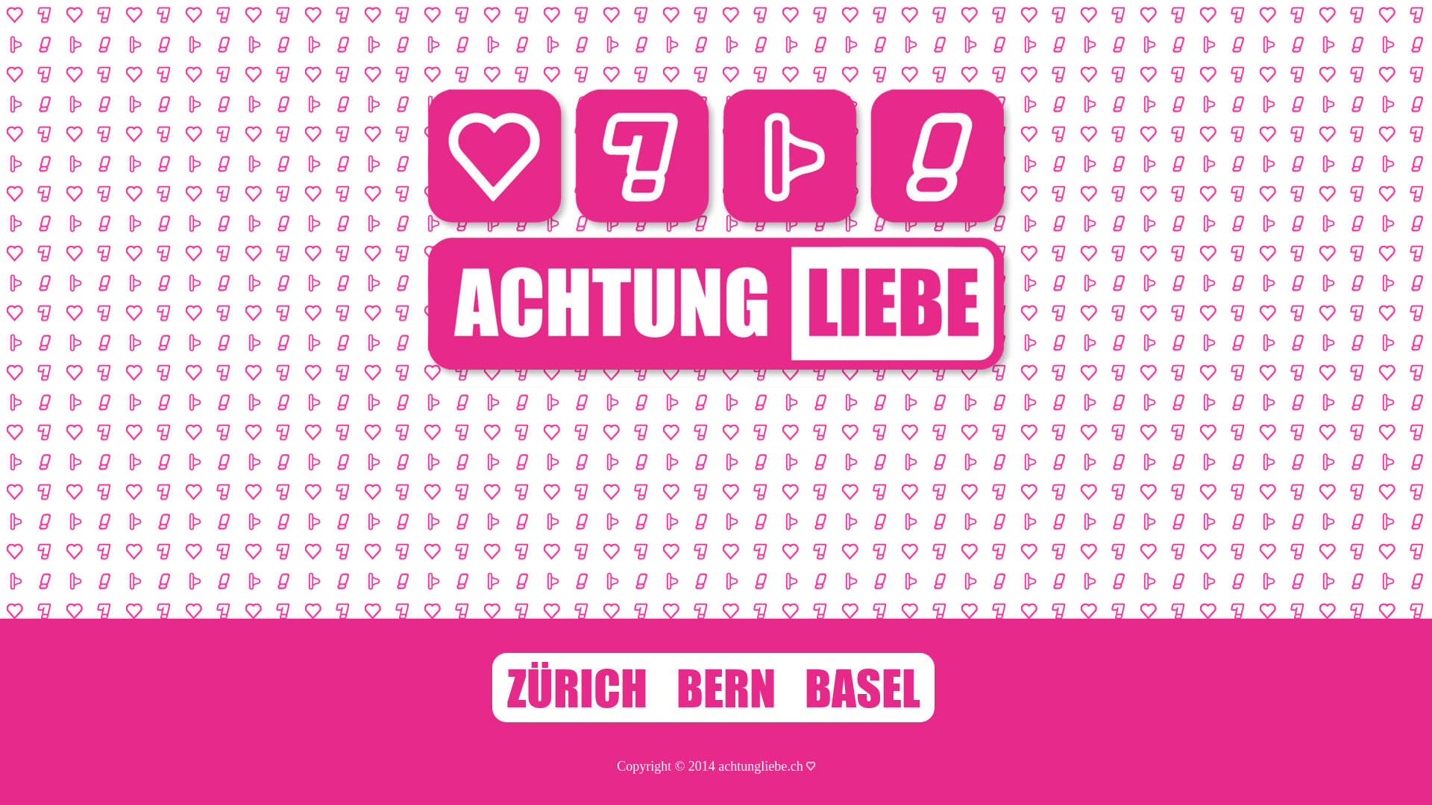 The height and width of the screenshot is (805, 1432). I want to click on 'achtungliebe.ch', so click(760, 766).